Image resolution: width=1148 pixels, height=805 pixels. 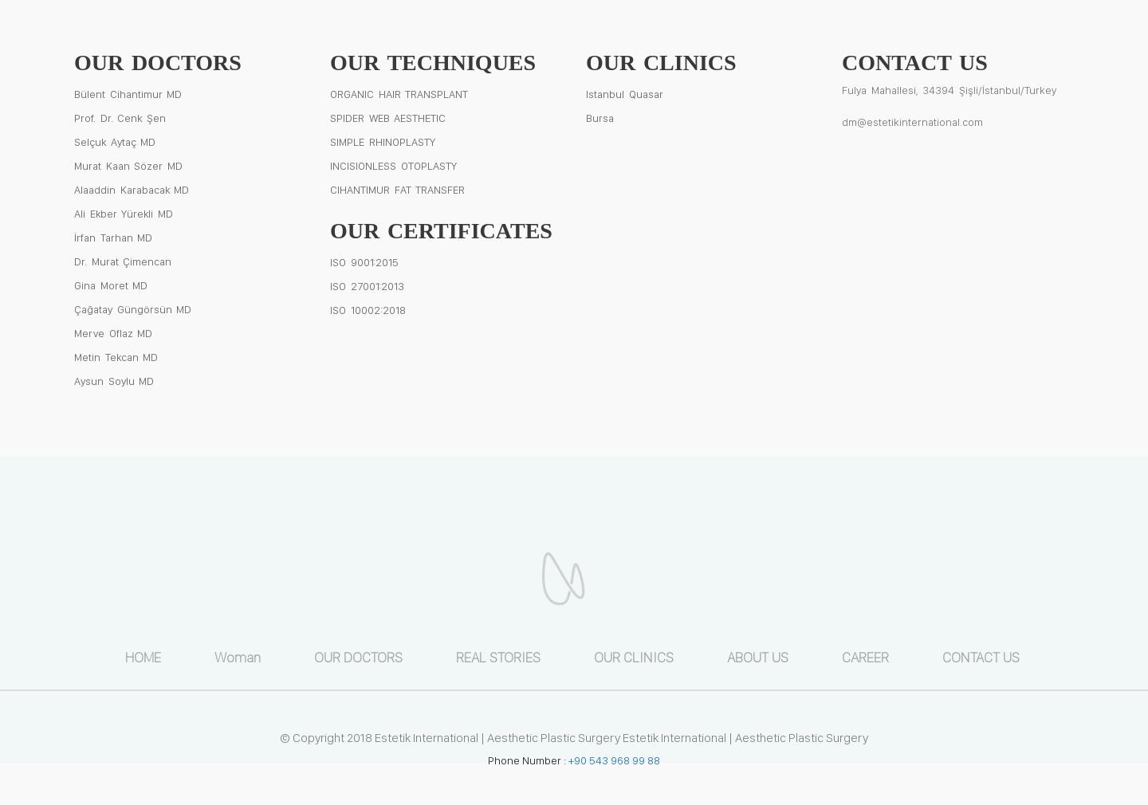 I want to click on 'Selçuk Aytaç MD', so click(x=114, y=139).